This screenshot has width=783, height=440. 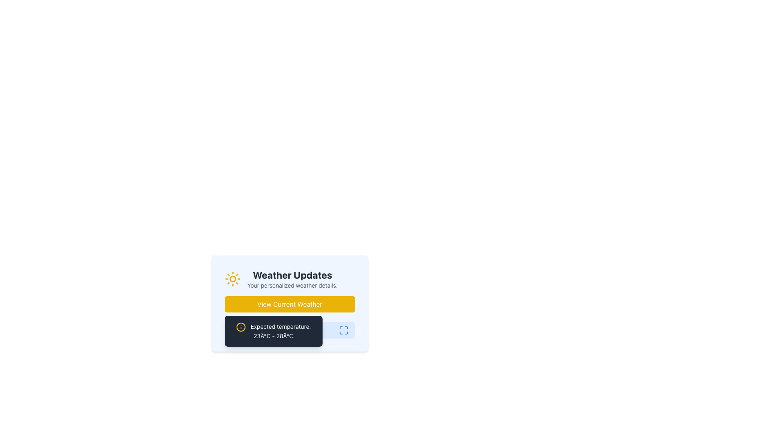 What do you see at coordinates (273, 331) in the screenshot?
I see `the compact, dark rectangular informational text box displaying 'Expected temperature: 23Â°C - 28Â°C' which is located below the 'View Current Weather' button` at bounding box center [273, 331].